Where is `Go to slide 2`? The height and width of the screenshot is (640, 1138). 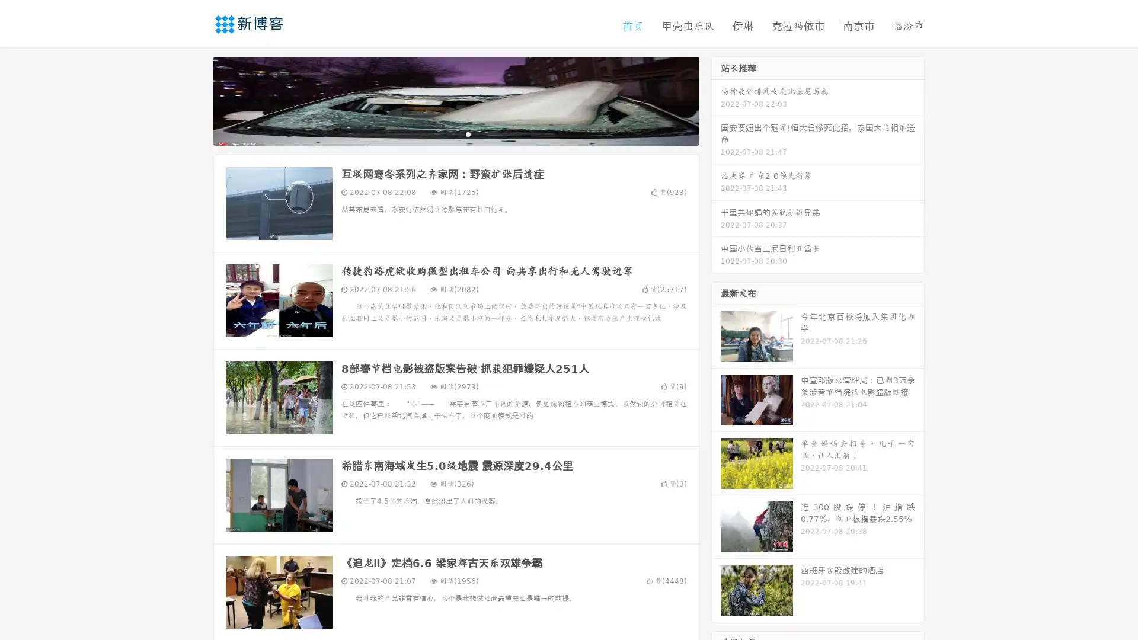 Go to slide 2 is located at coordinates (455, 133).